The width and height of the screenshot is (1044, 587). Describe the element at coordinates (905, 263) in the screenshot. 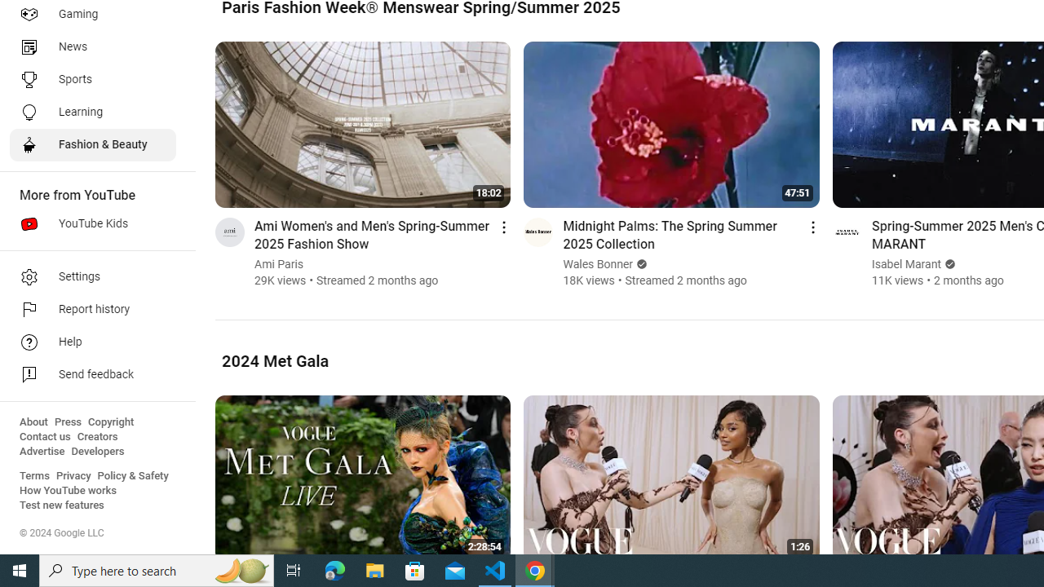

I see `'Isabel Marant'` at that location.